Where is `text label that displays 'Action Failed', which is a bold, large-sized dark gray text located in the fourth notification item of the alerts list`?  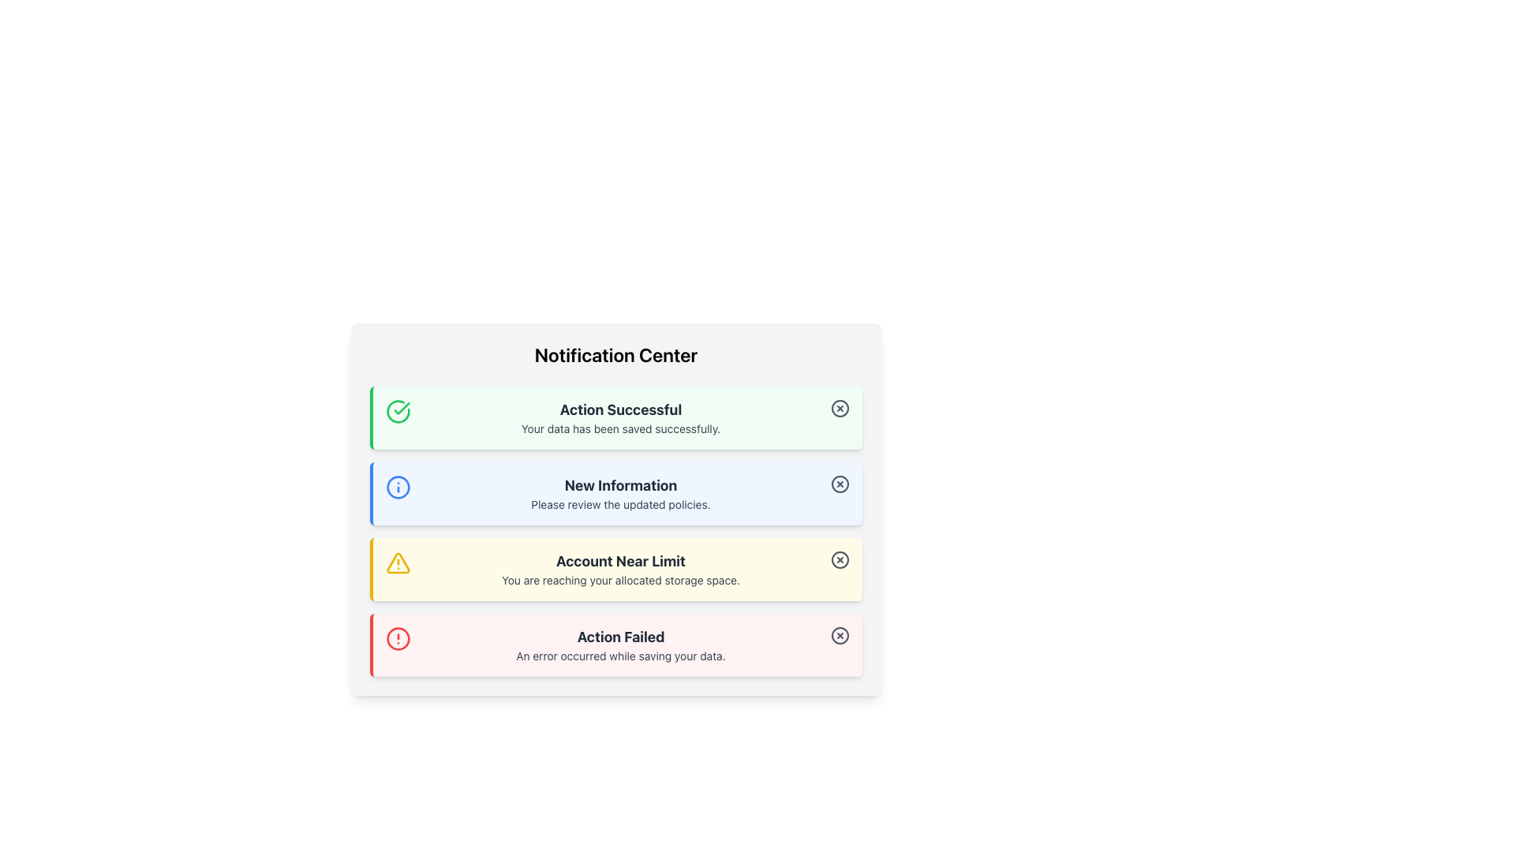 text label that displays 'Action Failed', which is a bold, large-sized dark gray text located in the fourth notification item of the alerts list is located at coordinates (620, 636).